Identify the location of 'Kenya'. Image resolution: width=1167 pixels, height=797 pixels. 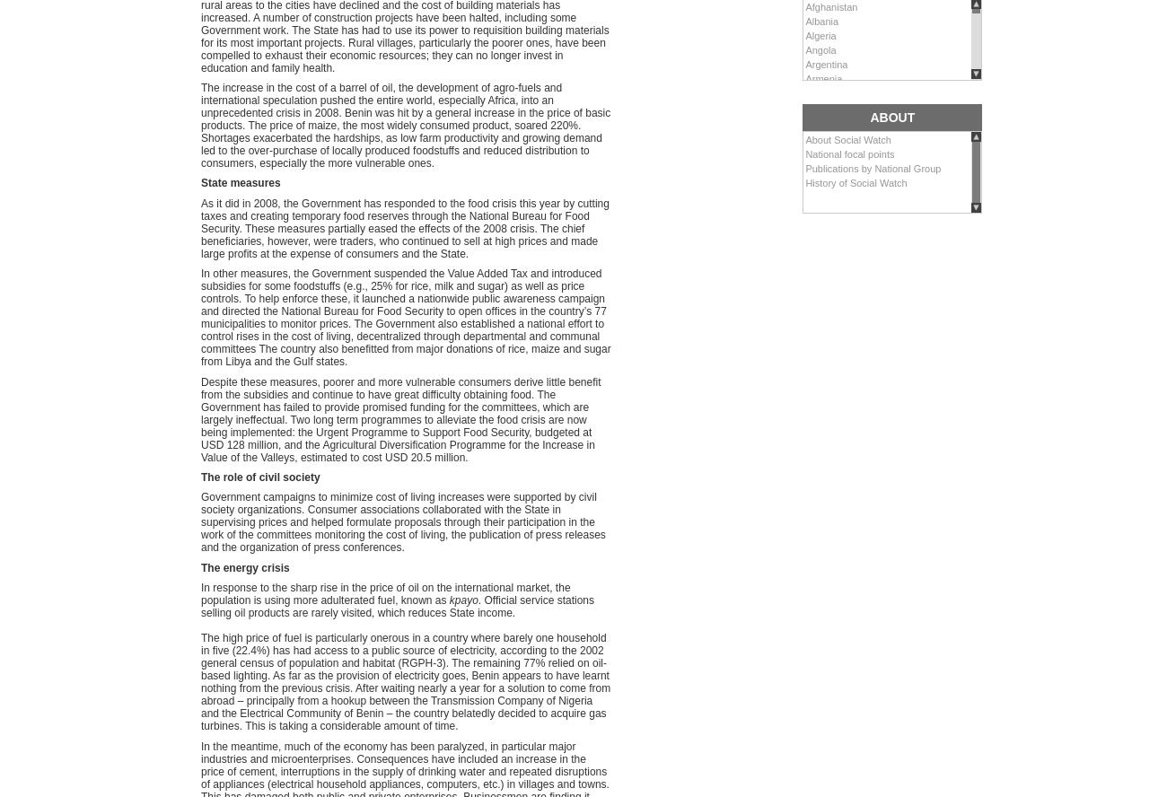
(803, 710).